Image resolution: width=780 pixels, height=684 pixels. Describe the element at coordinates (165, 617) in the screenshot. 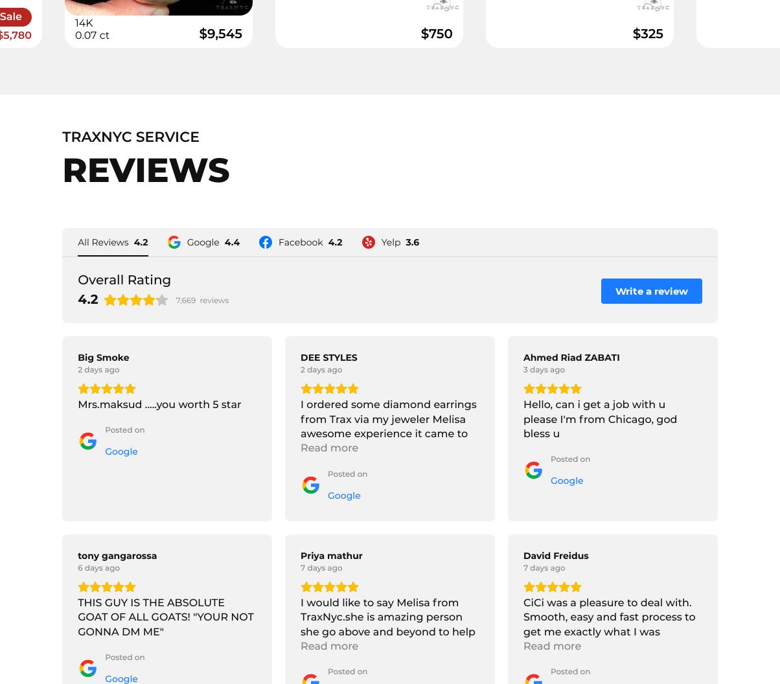

I see `'THIS GUY IS THE ABSOLUTE GOAT OF ALL GOATS!  "YOUR NOT GONNA DM ME"'` at that location.